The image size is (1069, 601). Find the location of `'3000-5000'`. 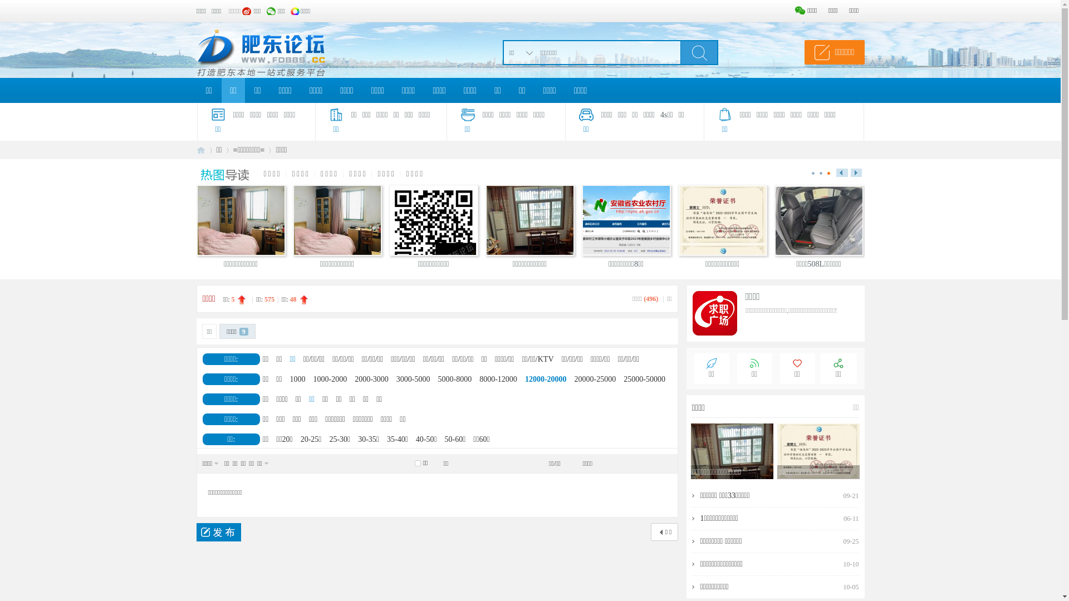

'3000-5000' is located at coordinates (413, 378).